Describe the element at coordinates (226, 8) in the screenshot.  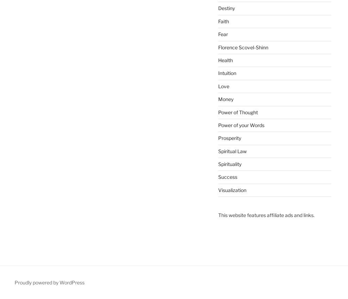
I see `'Destiny'` at that location.